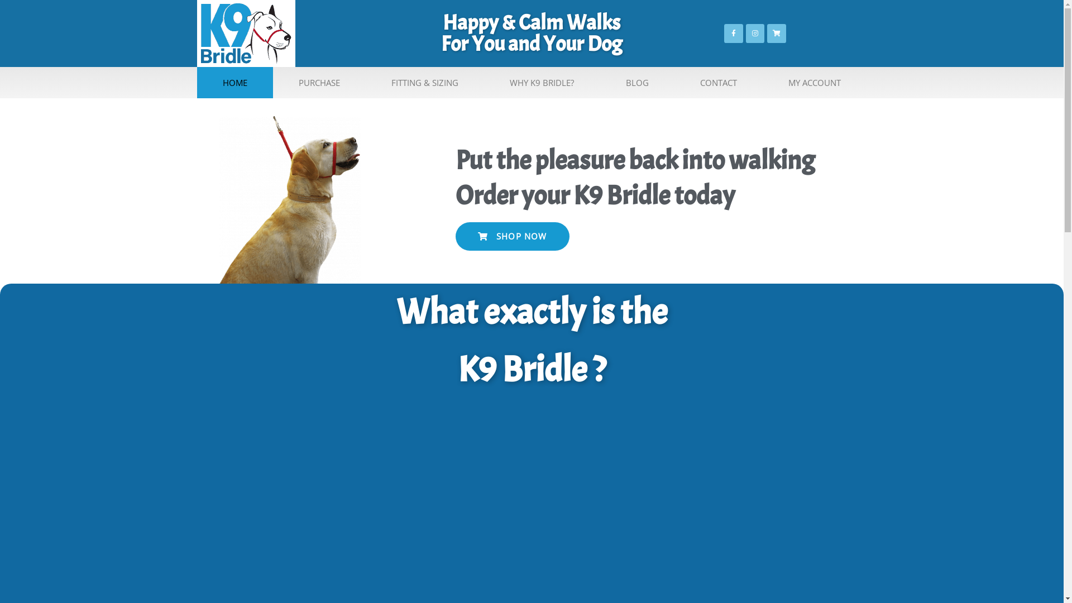  What do you see at coordinates (424, 82) in the screenshot?
I see `'FITTING & SIZING'` at bounding box center [424, 82].